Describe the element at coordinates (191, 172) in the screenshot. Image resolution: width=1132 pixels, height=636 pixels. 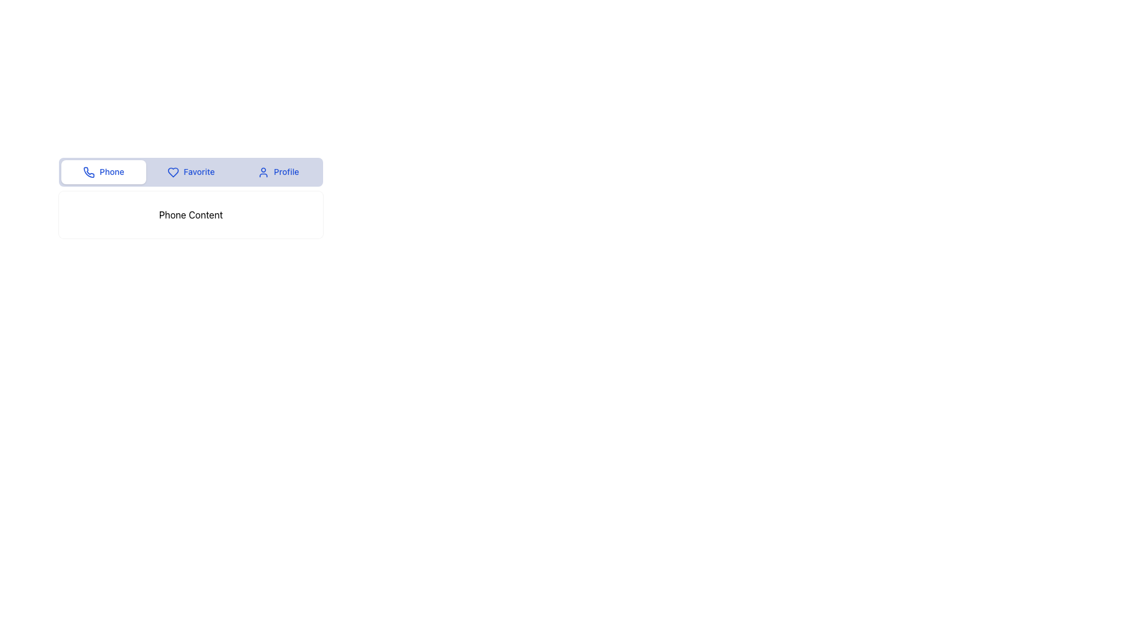
I see `the 'Favorite' button` at that location.